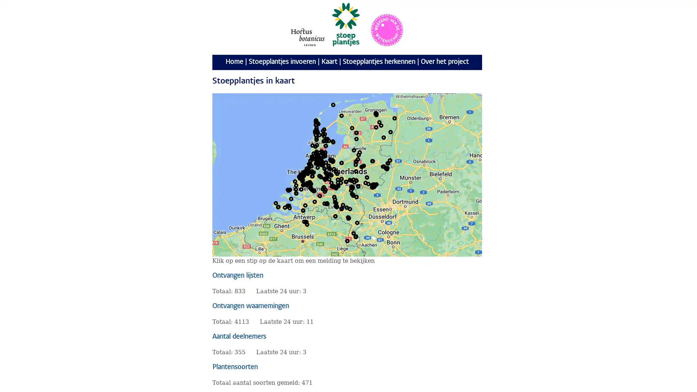 This screenshot has height=392, width=697. Describe the element at coordinates (314, 190) in the screenshot. I see `Telling van Smits op 06 juni 2022` at that location.